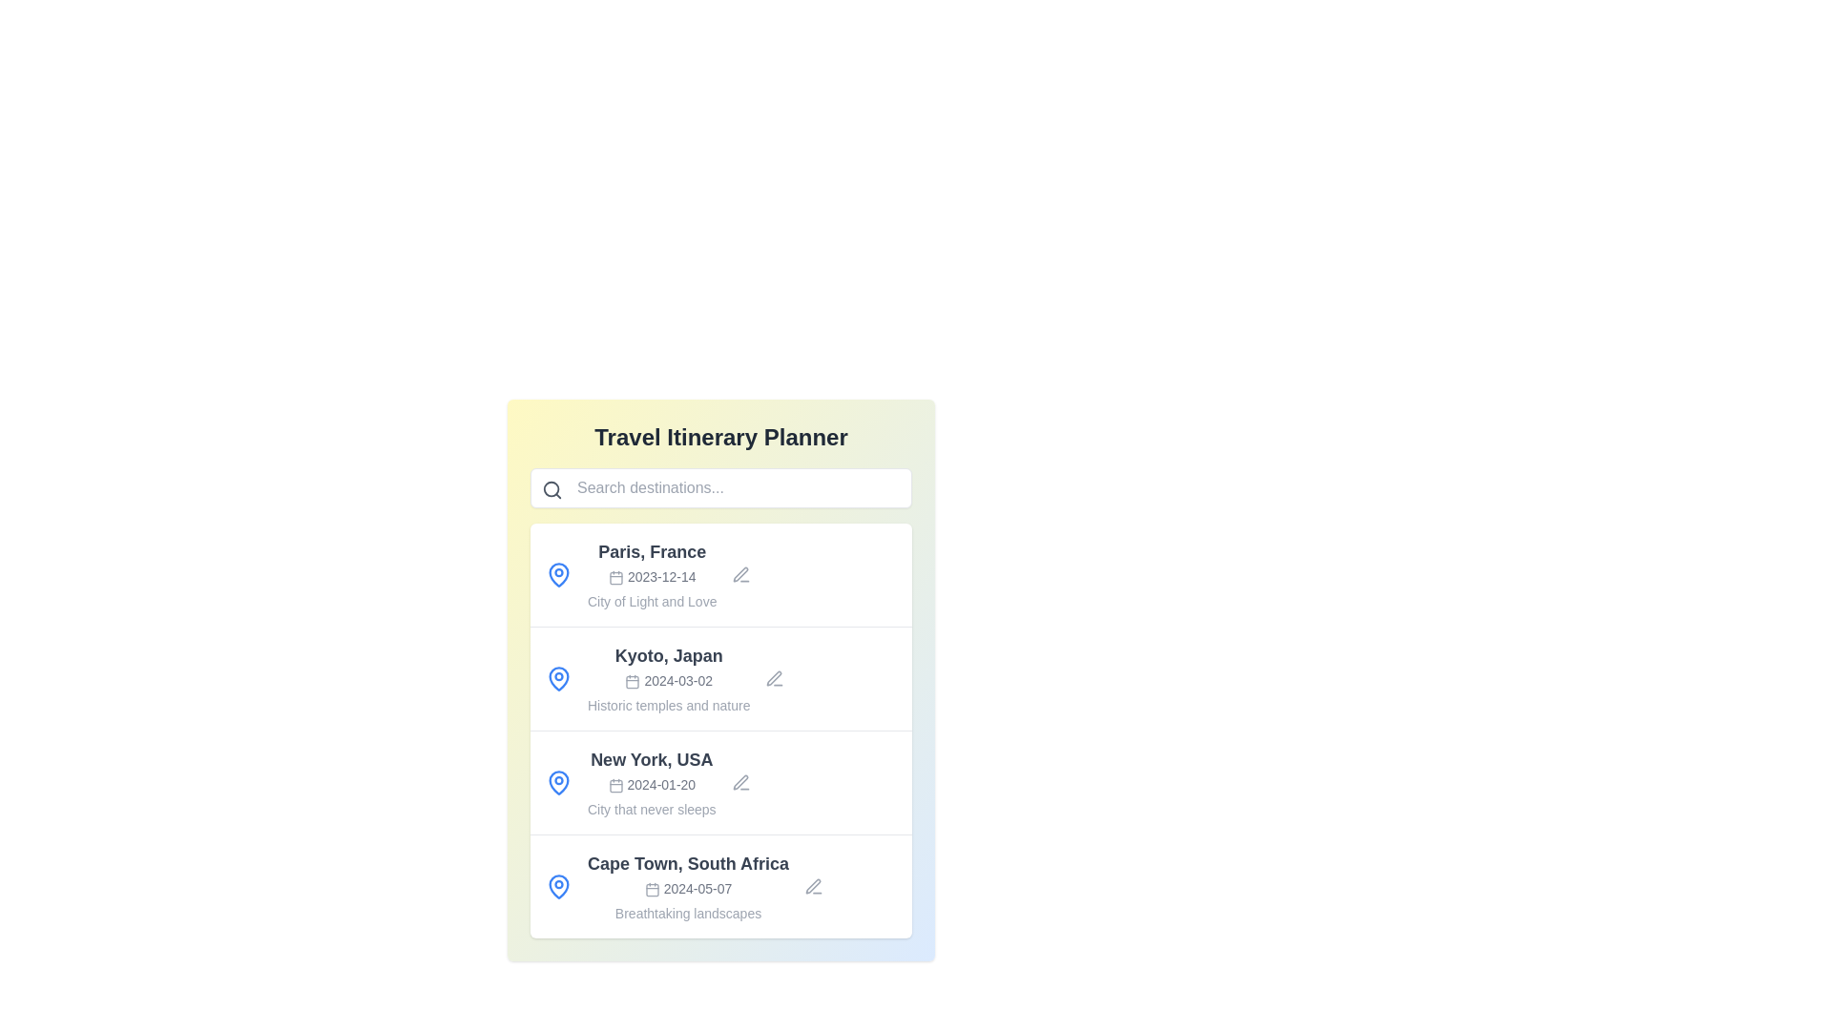 This screenshot has height=1030, width=1832. What do you see at coordinates (739, 783) in the screenshot?
I see `the edit icon button located on the far right of the entry labeled 'New York, USA'` at bounding box center [739, 783].